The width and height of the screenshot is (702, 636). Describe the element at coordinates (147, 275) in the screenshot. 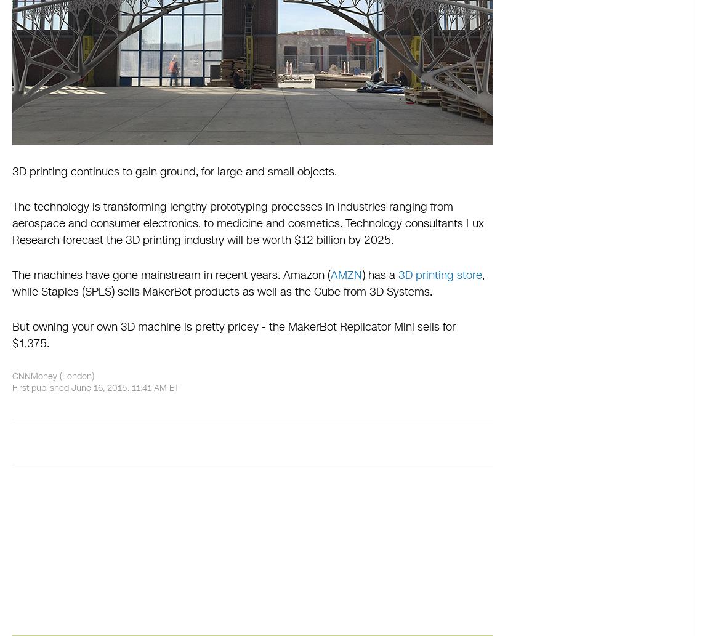

I see `'The machines have gone mainstream in recent years.'` at that location.